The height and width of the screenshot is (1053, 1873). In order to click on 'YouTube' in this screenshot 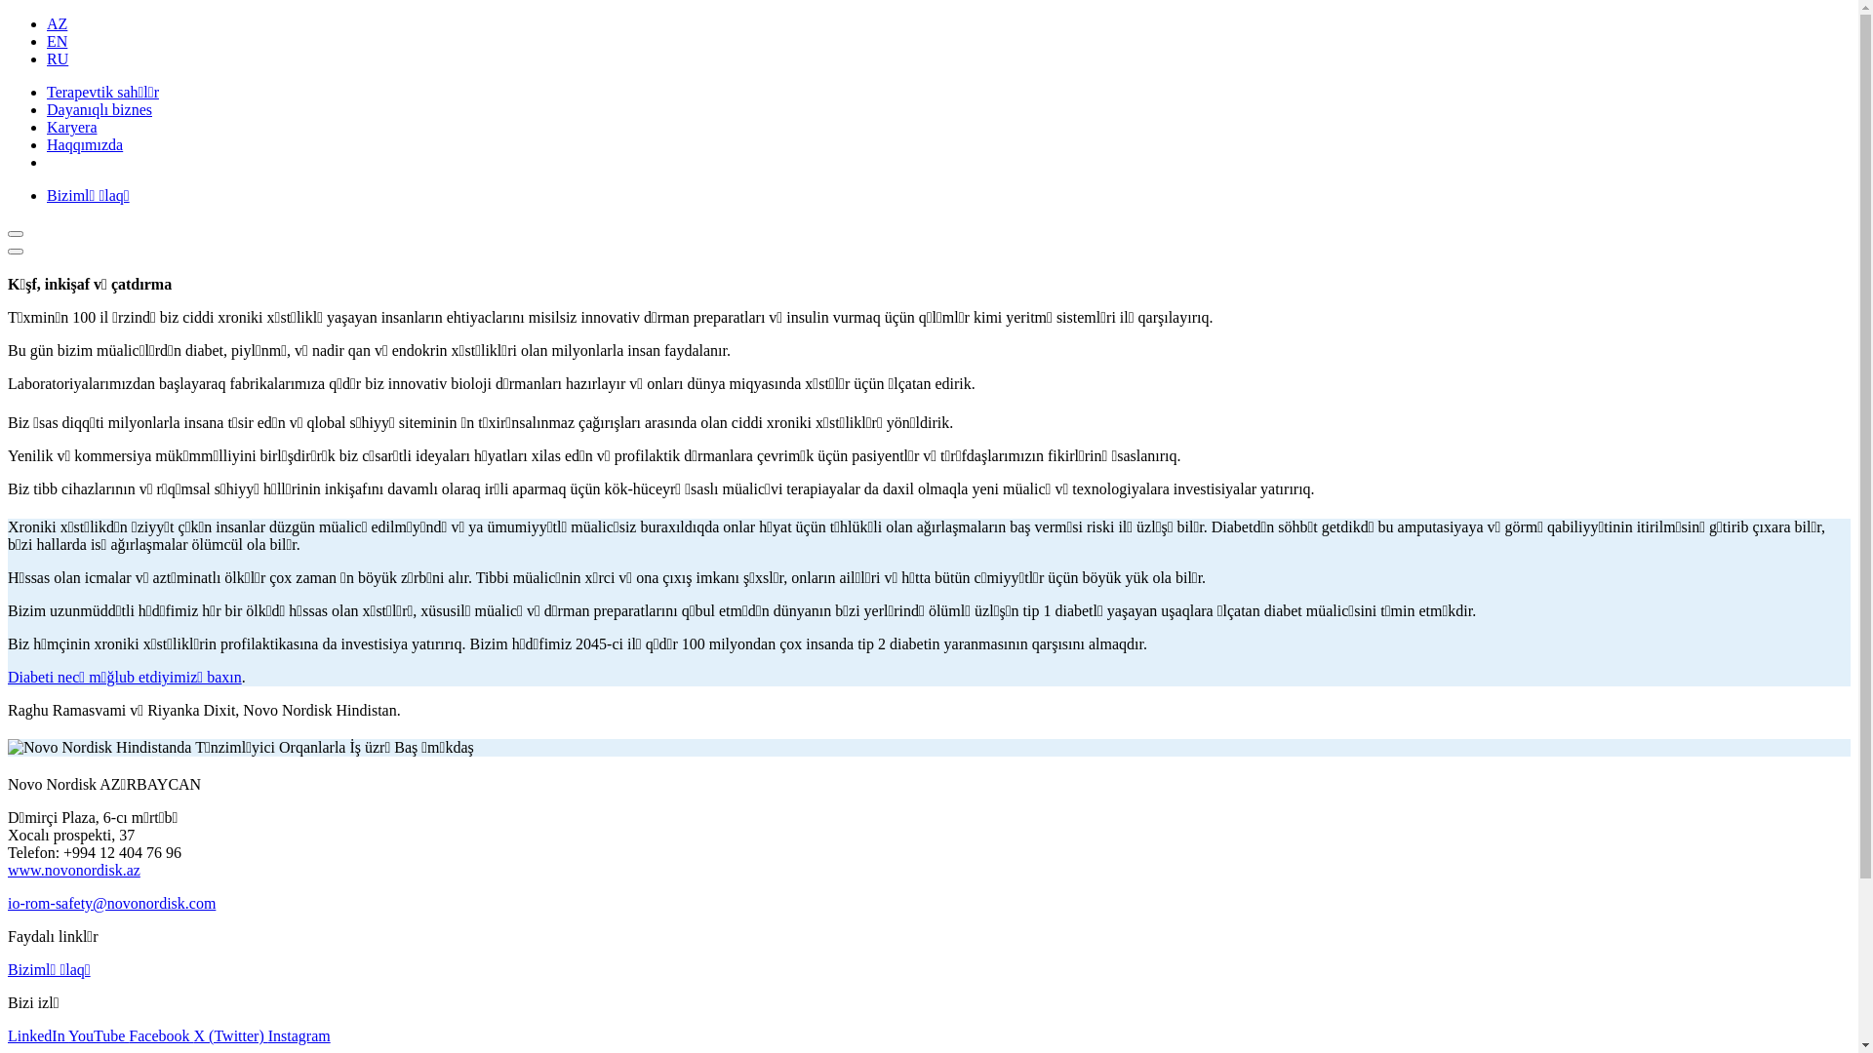, I will do `click(97, 1034)`.